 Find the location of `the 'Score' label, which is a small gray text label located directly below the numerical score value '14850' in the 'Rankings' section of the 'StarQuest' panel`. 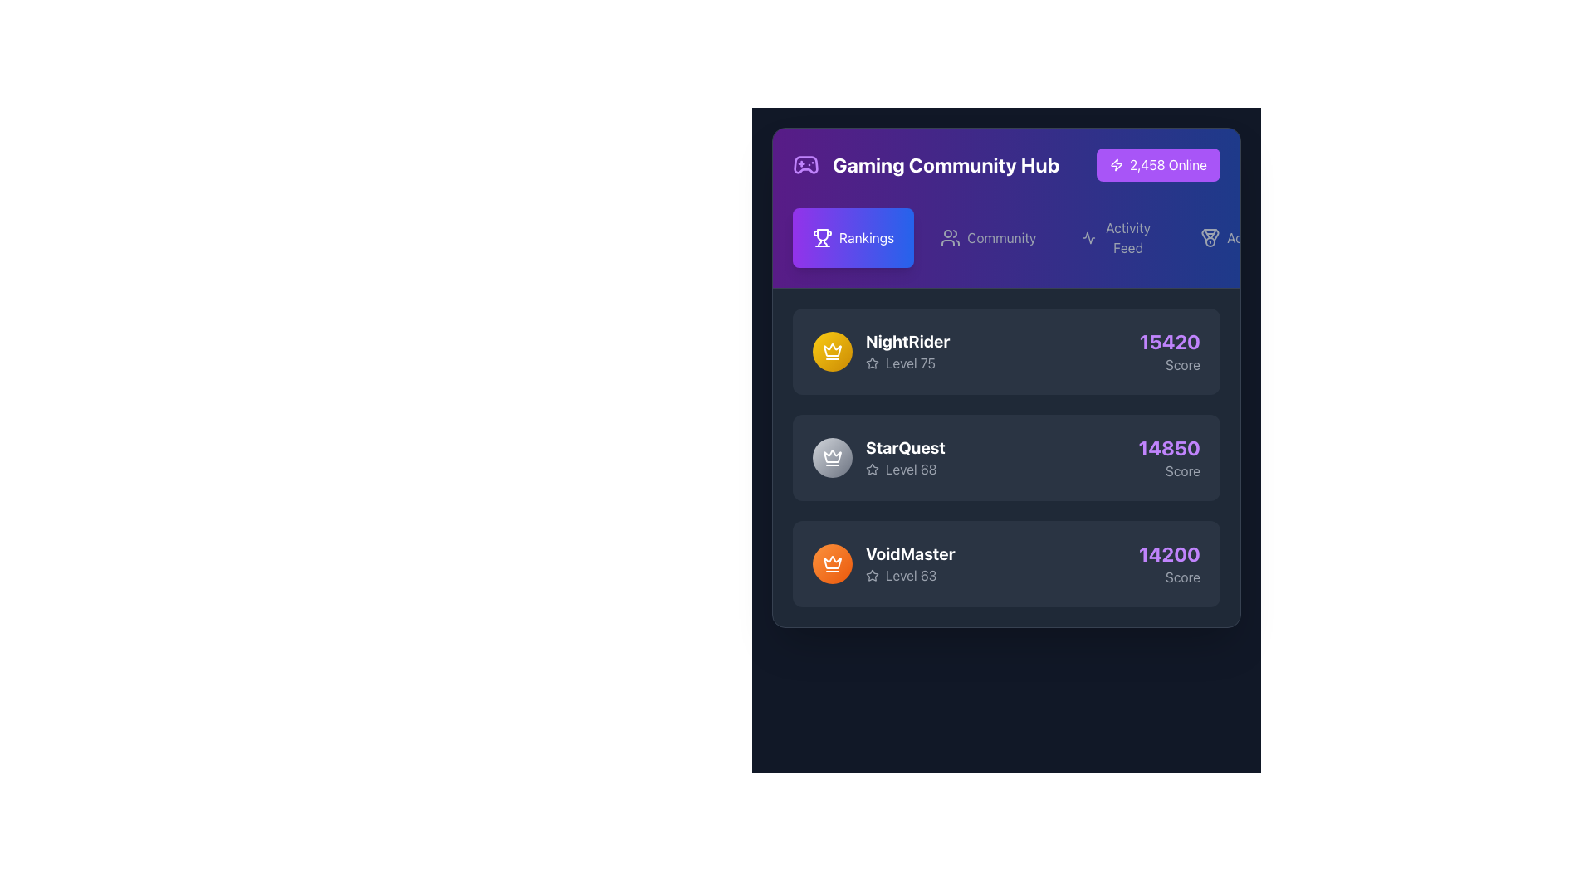

the 'Score' label, which is a small gray text label located directly below the numerical score value '14850' in the 'Rankings' section of the 'StarQuest' panel is located at coordinates (1168, 470).